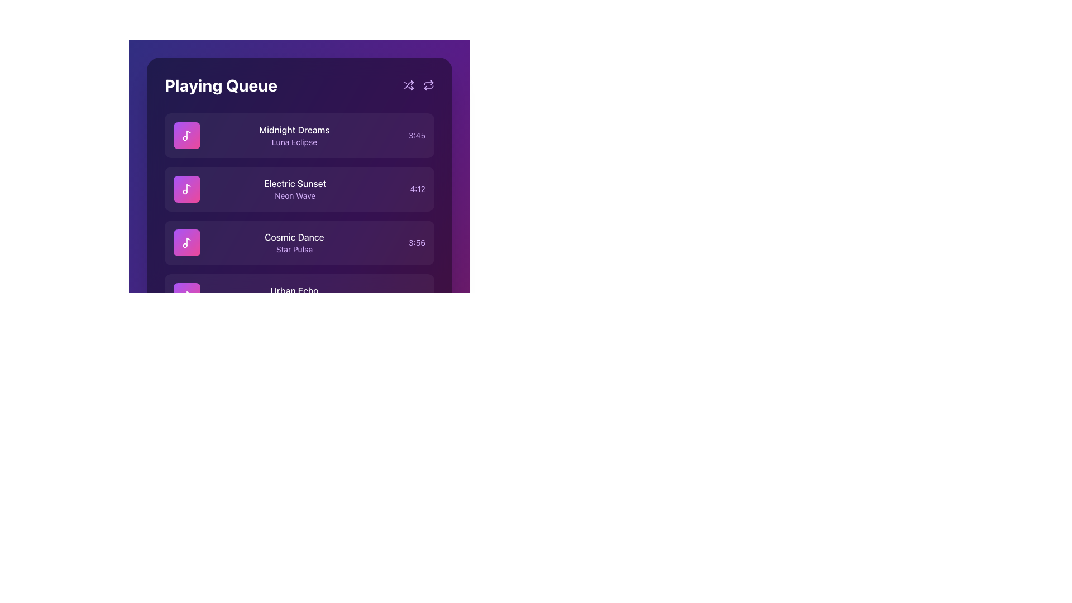 The image size is (1072, 603). I want to click on the musical note icon located on the left side of the fourth row in the 'Playing Queue' list, so click(187, 296).